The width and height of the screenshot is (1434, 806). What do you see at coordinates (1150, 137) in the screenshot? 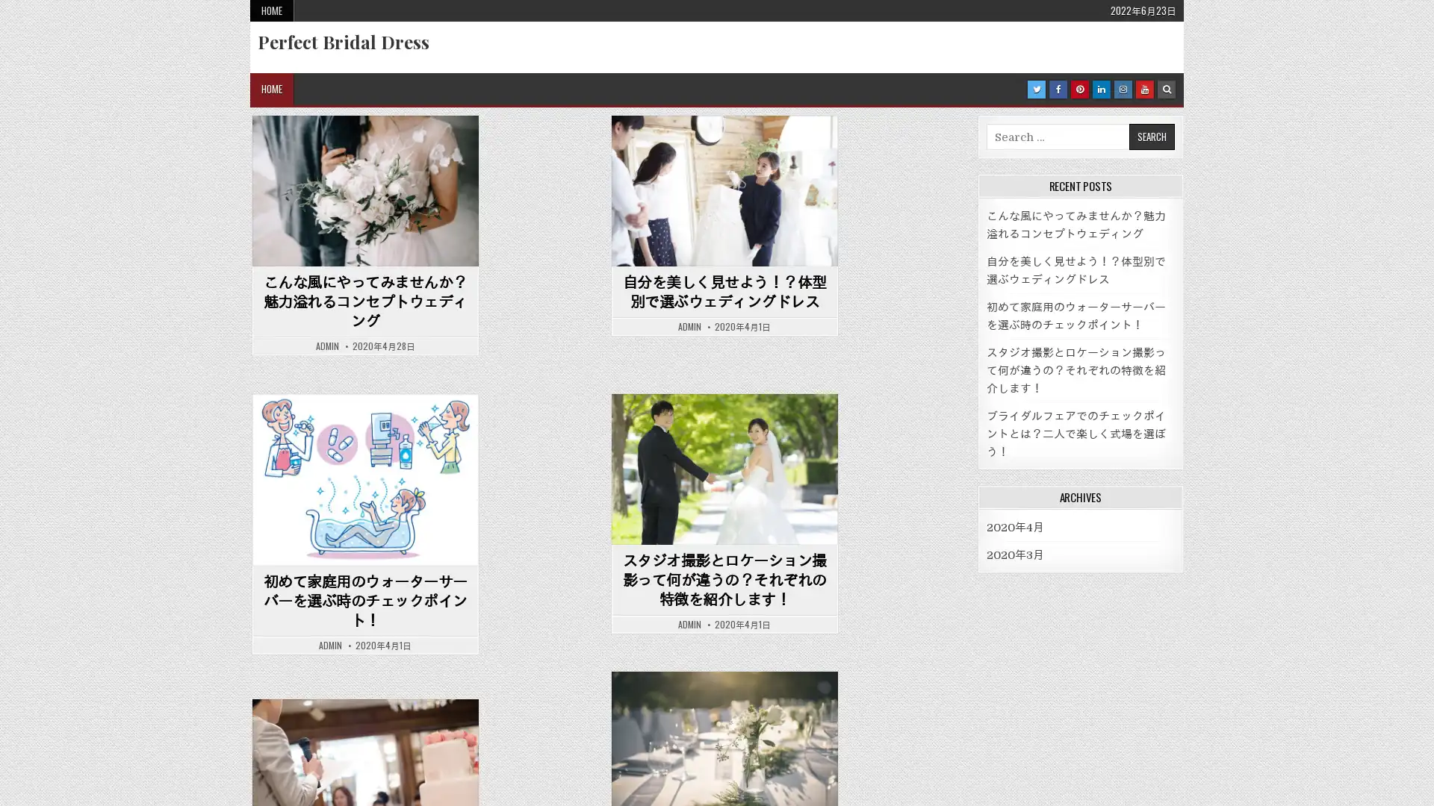
I see `Search` at bounding box center [1150, 137].